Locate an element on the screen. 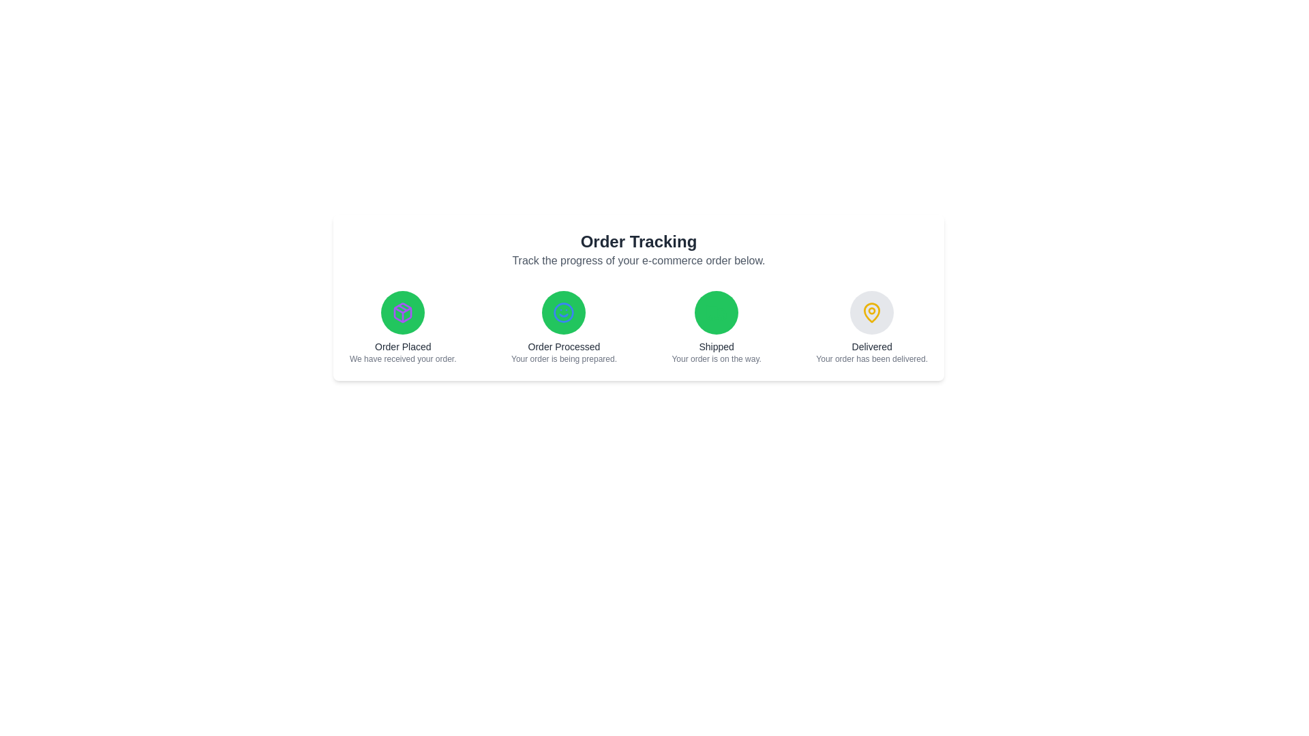 The image size is (1309, 736). the delivery status by focusing on the fourth and final status indicator in the progress tracker, which visually confirms that the order has been successfully delivered is located at coordinates (871, 328).